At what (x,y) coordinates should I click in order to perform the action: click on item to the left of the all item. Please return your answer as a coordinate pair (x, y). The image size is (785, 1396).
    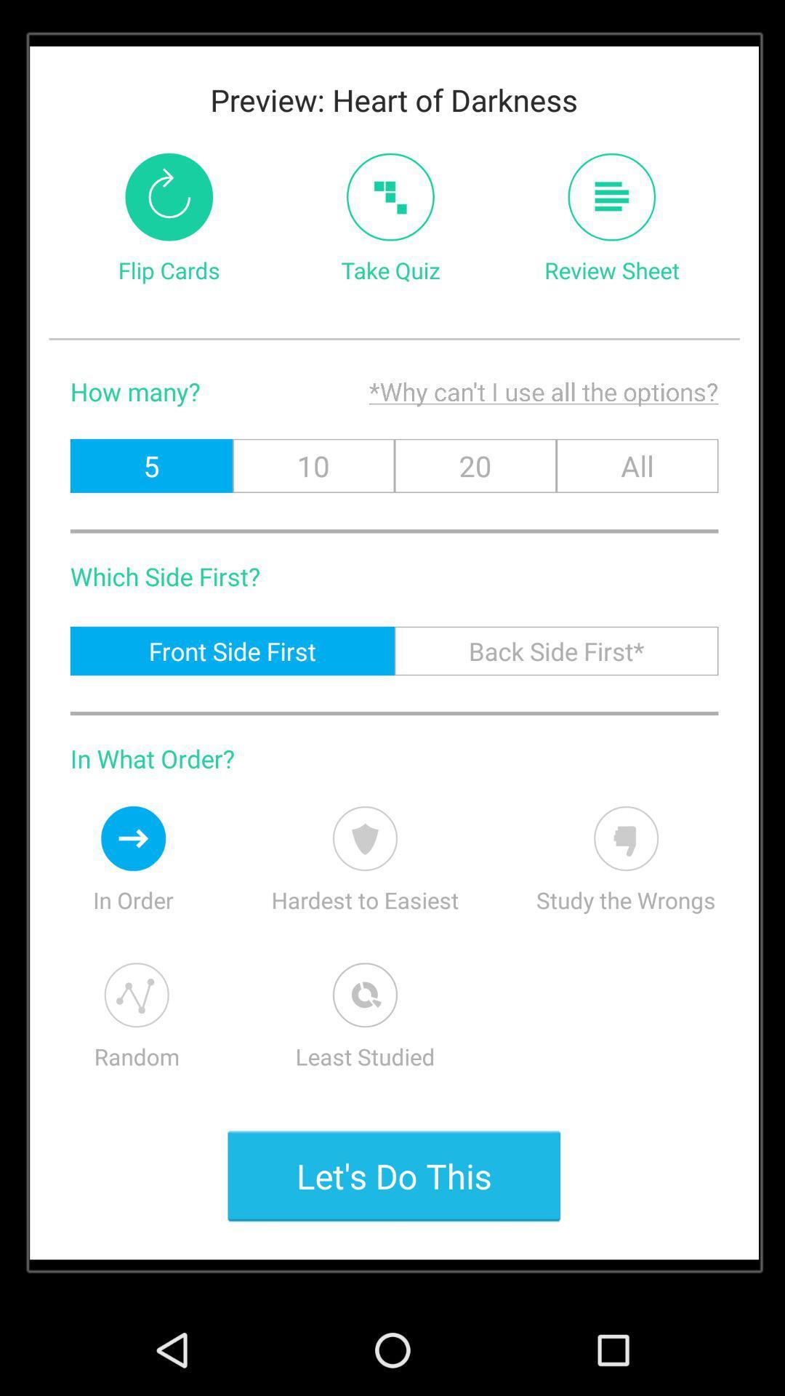
    Looking at the image, I should click on (475, 465).